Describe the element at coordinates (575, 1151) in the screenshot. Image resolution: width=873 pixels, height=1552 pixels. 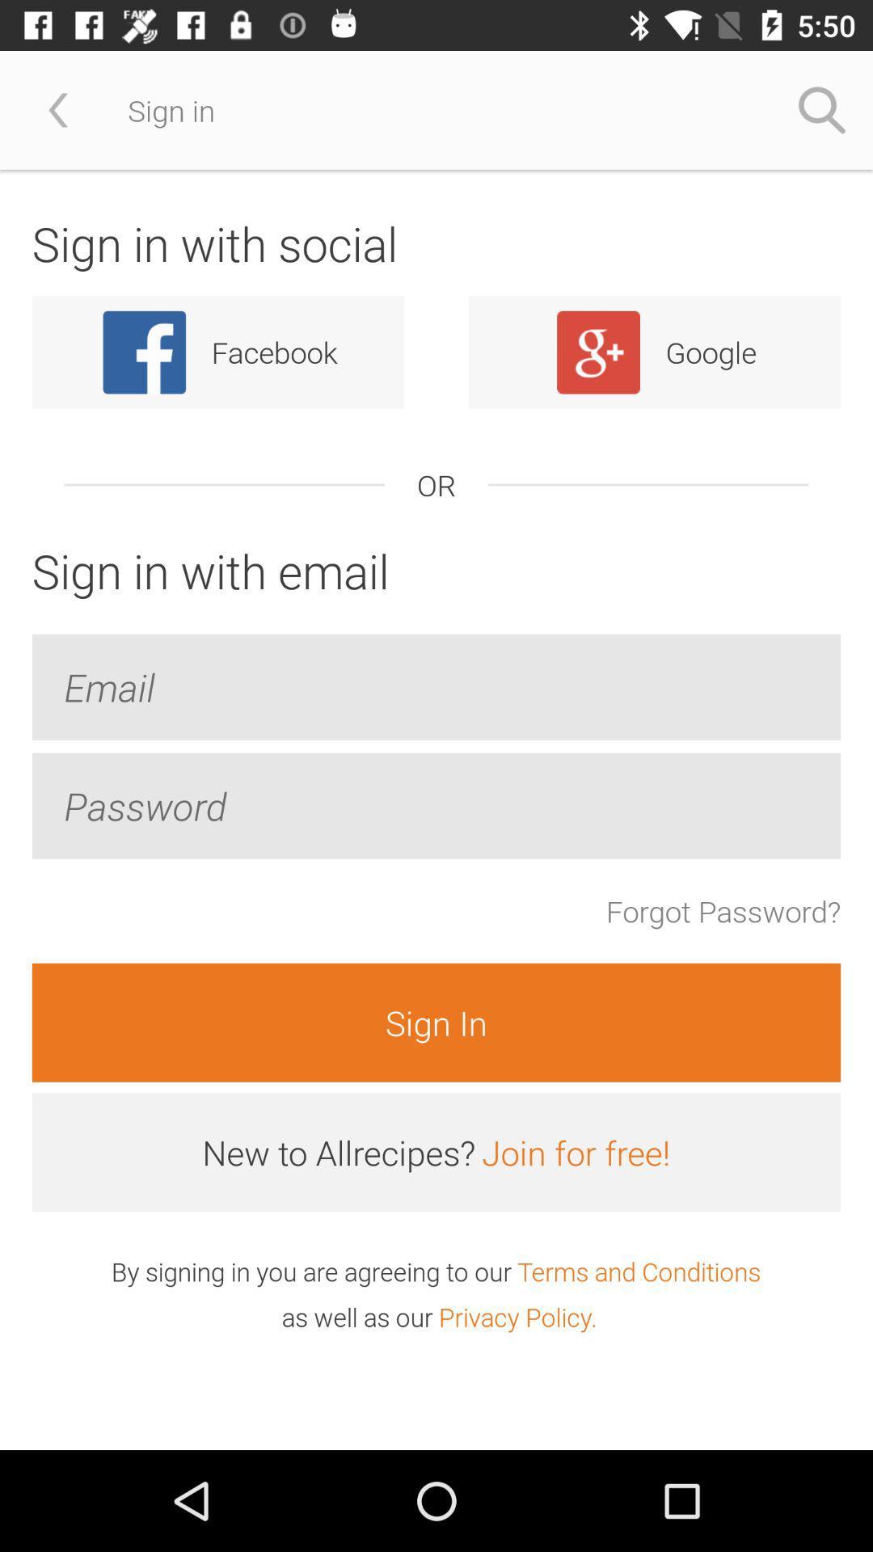
I see `the icon next to the new to allrecipes? icon` at that location.